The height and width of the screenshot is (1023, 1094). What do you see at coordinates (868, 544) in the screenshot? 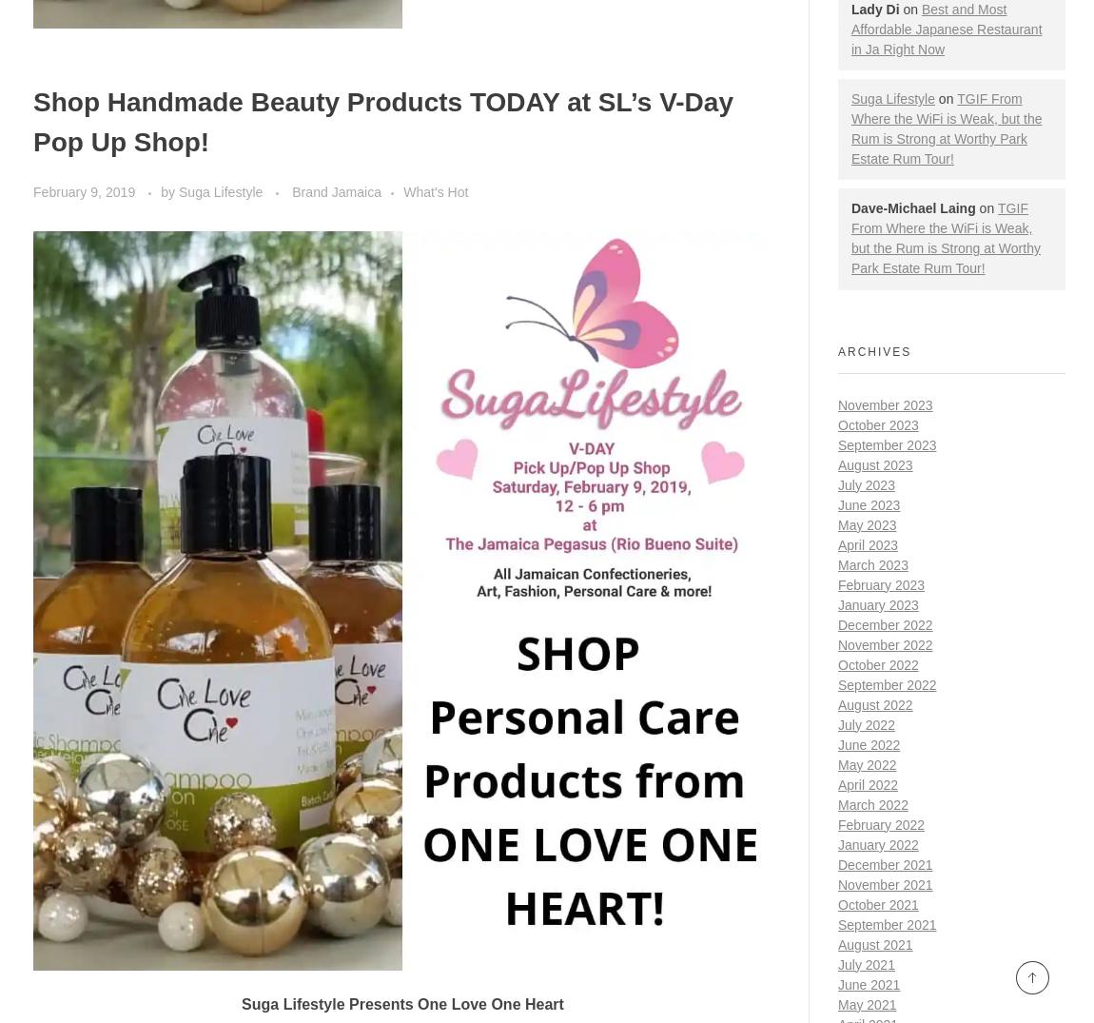
I see `'April 2023'` at bounding box center [868, 544].